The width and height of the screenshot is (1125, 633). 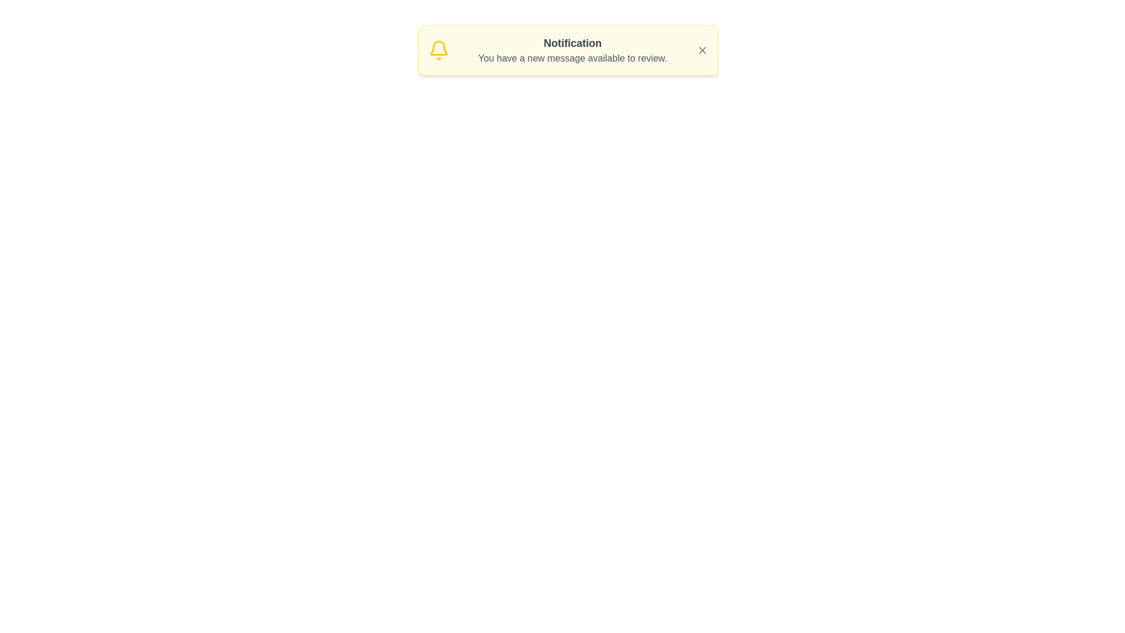 What do you see at coordinates (438, 49) in the screenshot?
I see `the yellow bell icon for notifications located in the top-left corner of the notification box adjacent to the bolded text 'Notification'` at bounding box center [438, 49].